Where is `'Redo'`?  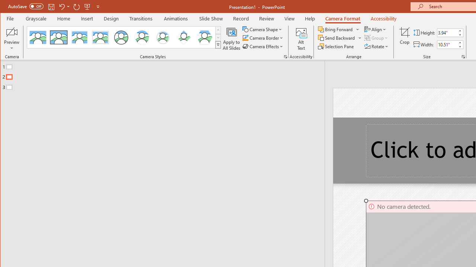
'Redo' is located at coordinates (77, 6).